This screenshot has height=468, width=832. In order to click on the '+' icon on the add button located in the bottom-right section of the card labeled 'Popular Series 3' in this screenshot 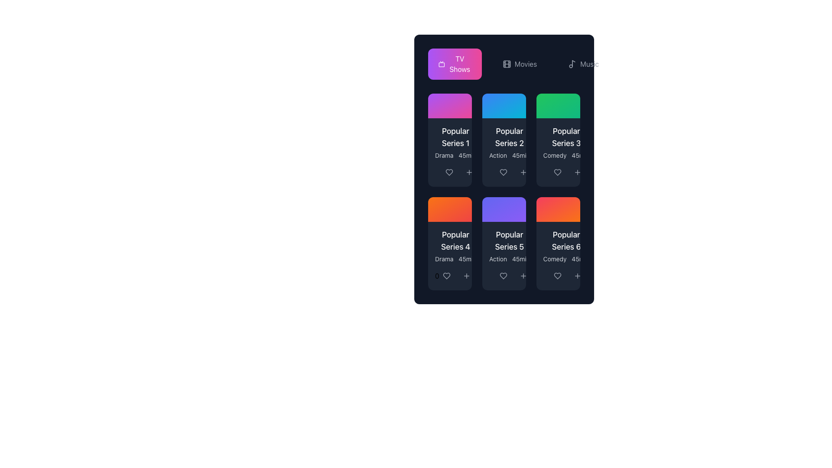, I will do `click(578, 172)`.